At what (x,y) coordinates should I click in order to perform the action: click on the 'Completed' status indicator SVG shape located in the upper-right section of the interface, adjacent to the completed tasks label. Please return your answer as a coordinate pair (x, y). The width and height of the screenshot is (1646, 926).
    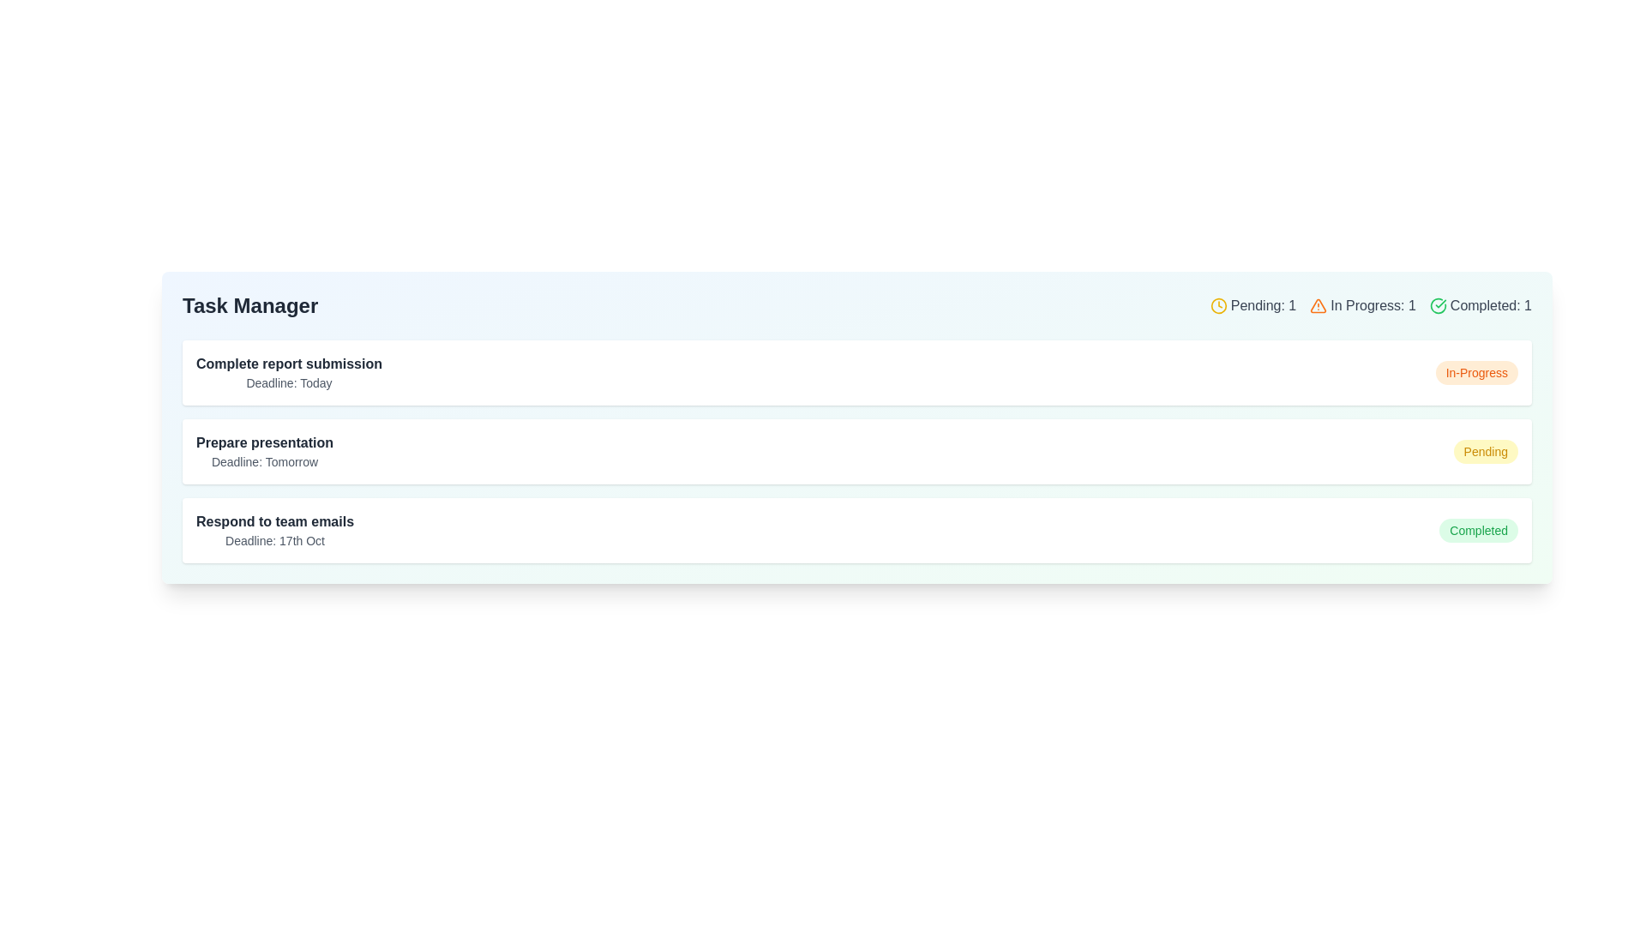
    Looking at the image, I should click on (1438, 305).